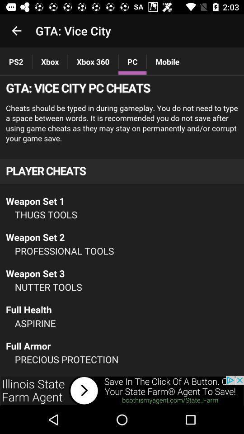 This screenshot has height=434, width=244. I want to click on advertisement page, so click(122, 390).